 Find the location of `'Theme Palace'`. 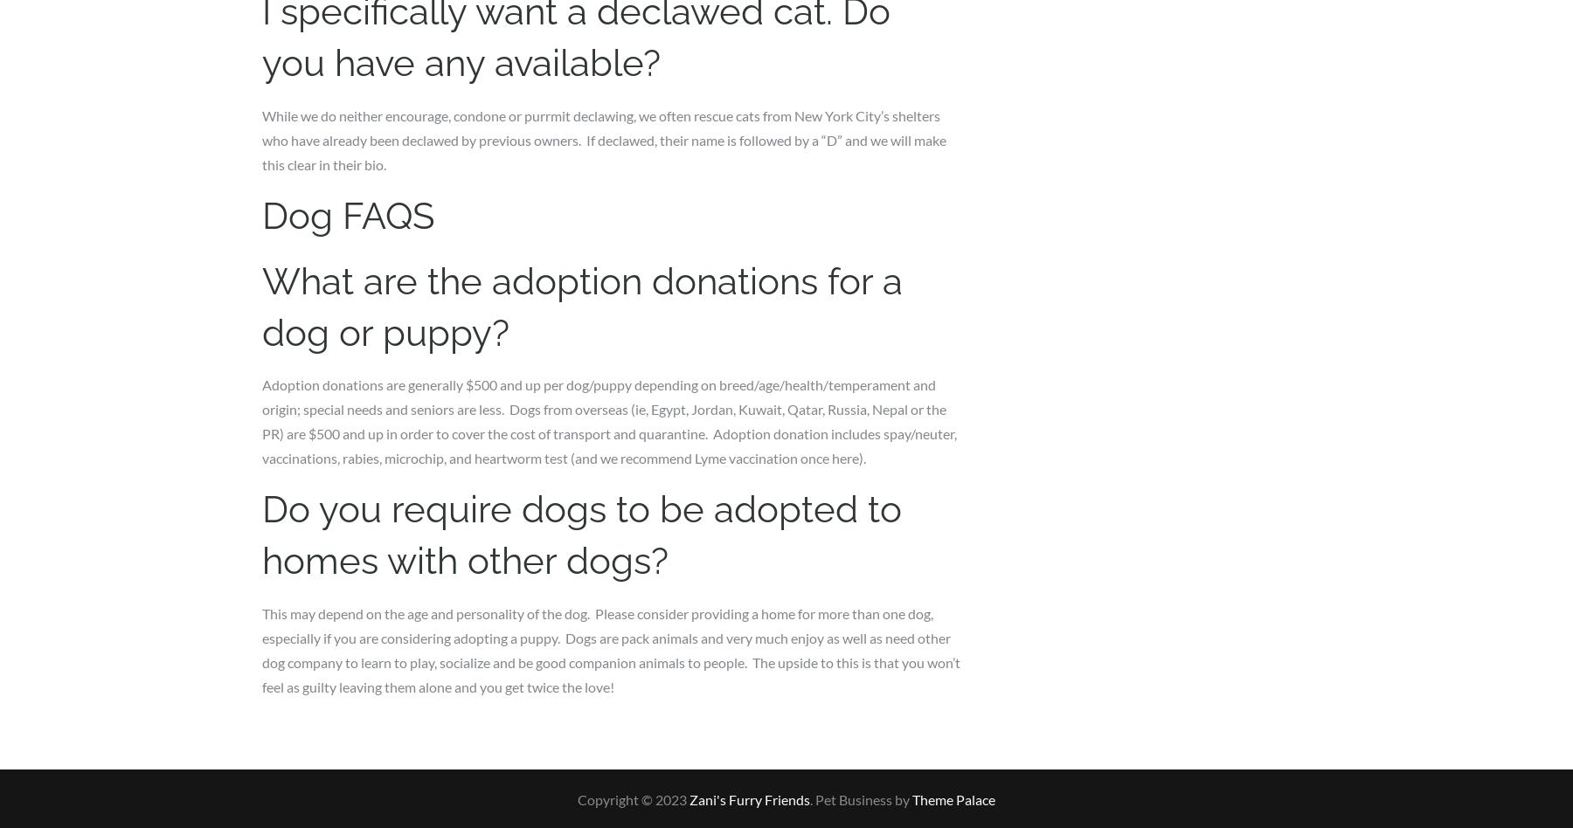

'Theme Palace' is located at coordinates (953, 797).